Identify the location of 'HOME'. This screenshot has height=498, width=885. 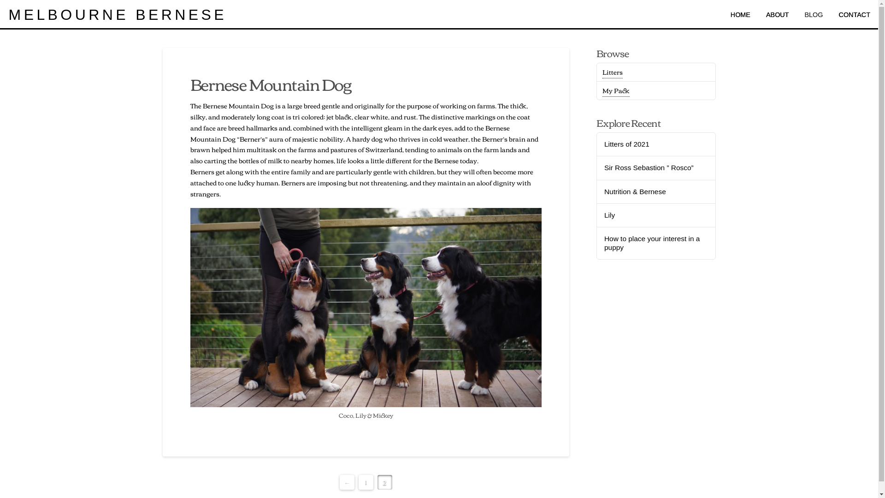
(740, 14).